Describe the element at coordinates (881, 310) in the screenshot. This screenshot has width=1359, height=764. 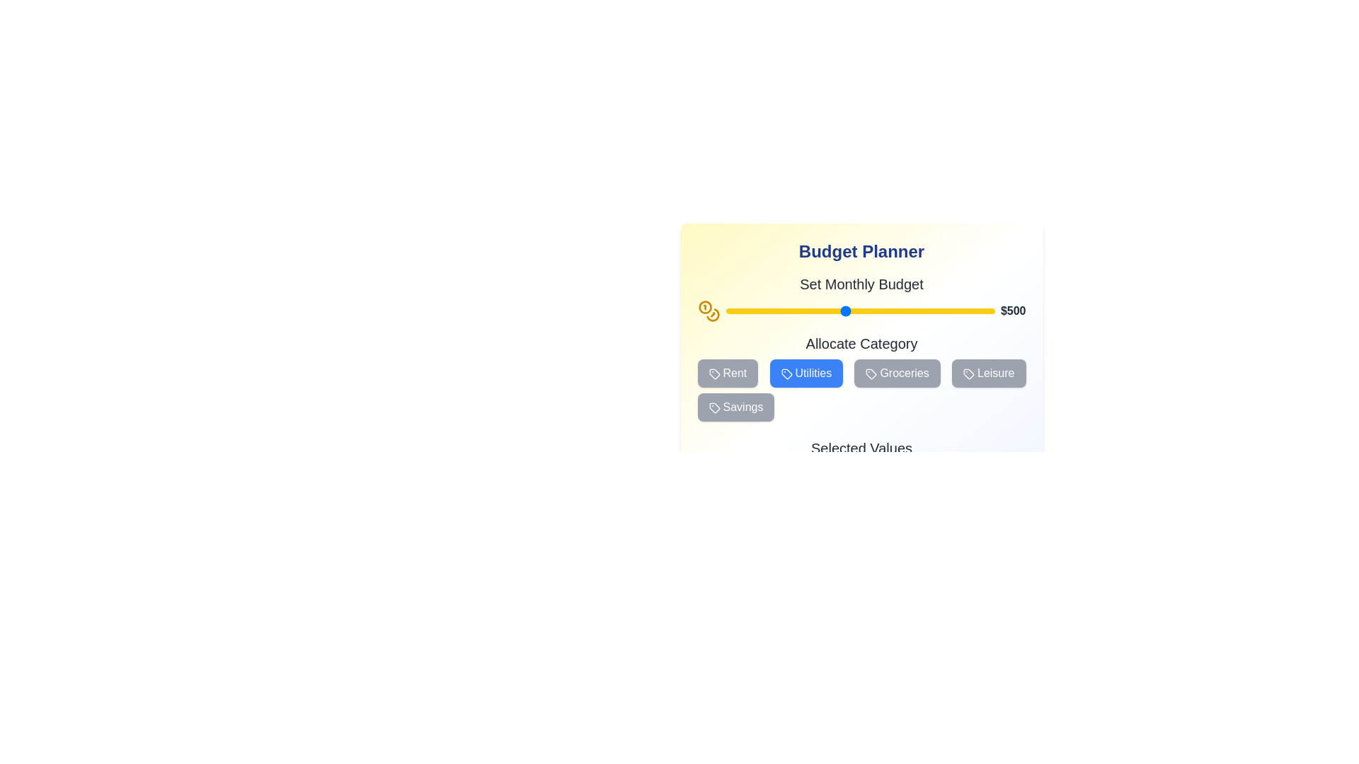
I see `the monthly budget` at that location.